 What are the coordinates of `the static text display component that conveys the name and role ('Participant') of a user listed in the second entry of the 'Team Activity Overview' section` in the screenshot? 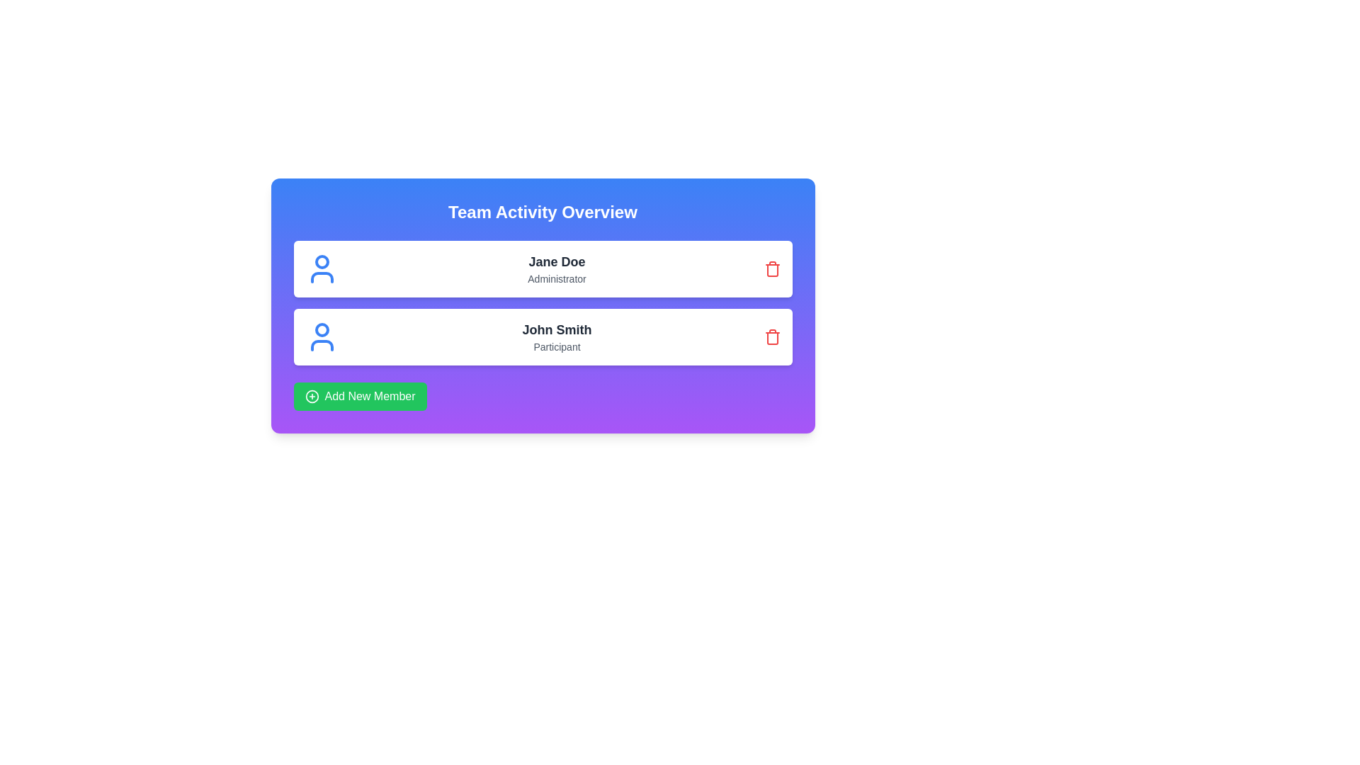 It's located at (556, 336).